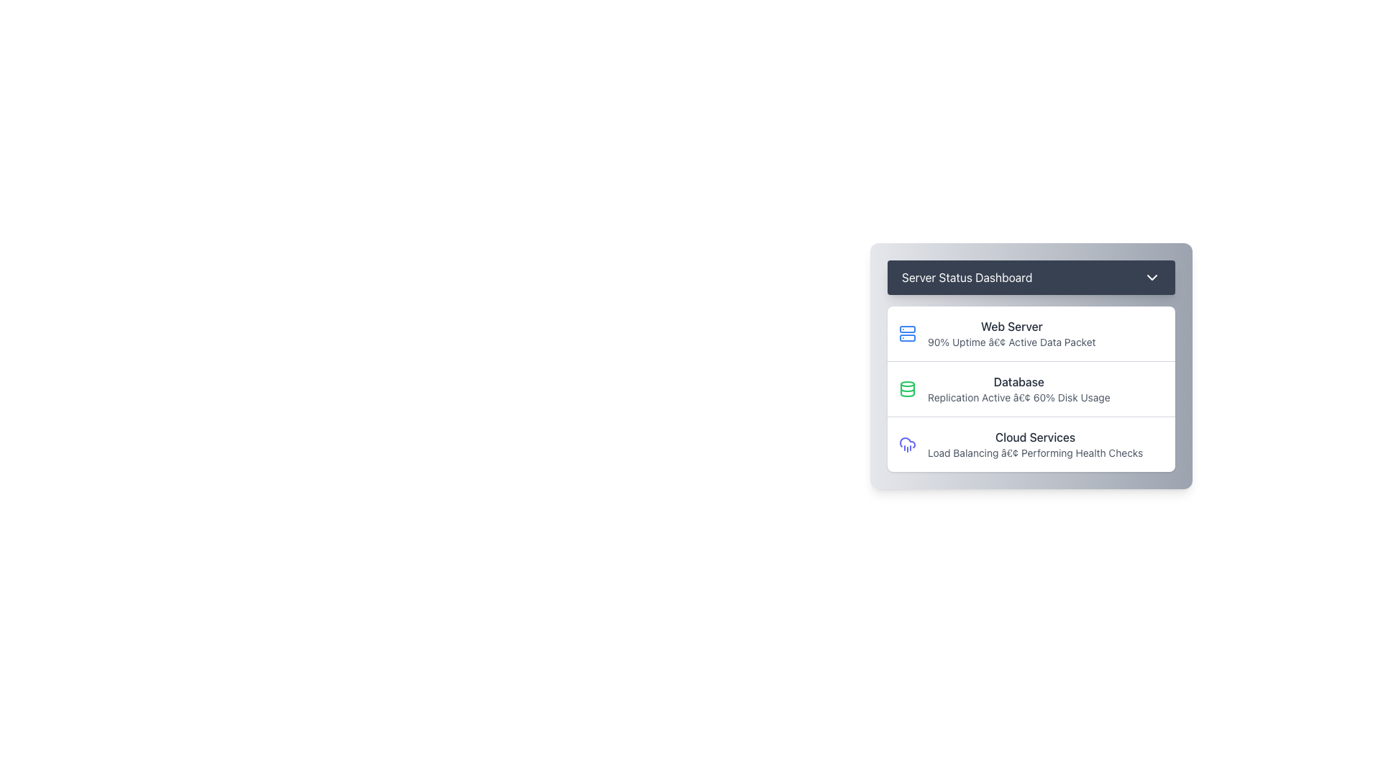 Image resolution: width=1381 pixels, height=777 pixels. Describe the element at coordinates (1011, 327) in the screenshot. I see `header text 'Web Server' which is centrally positioned at the top of the panel containing server-related metrics` at that location.